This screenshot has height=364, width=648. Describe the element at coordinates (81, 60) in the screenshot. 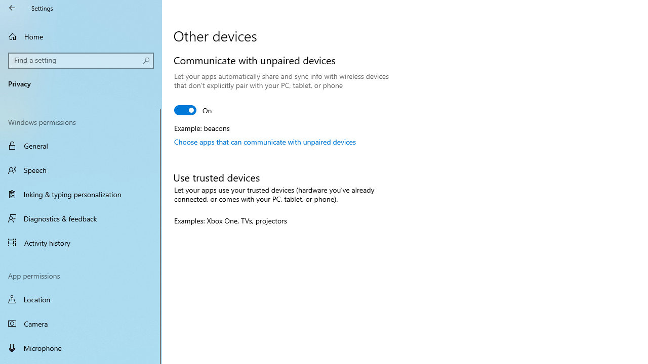

I see `'Search box, Find a setting'` at that location.